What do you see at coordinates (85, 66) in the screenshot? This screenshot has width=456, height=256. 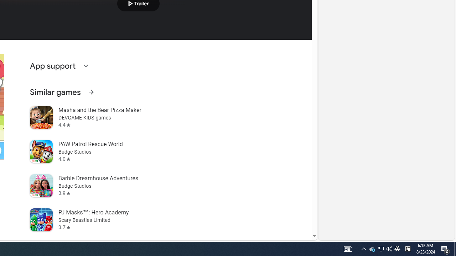 I see `'Expand'` at bounding box center [85, 66].